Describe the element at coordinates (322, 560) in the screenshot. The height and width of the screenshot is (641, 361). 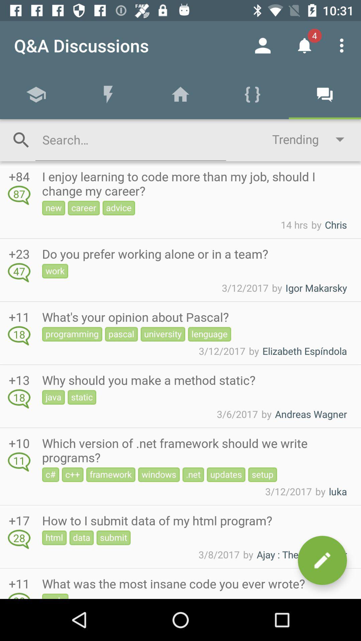
I see `comment icon` at that location.